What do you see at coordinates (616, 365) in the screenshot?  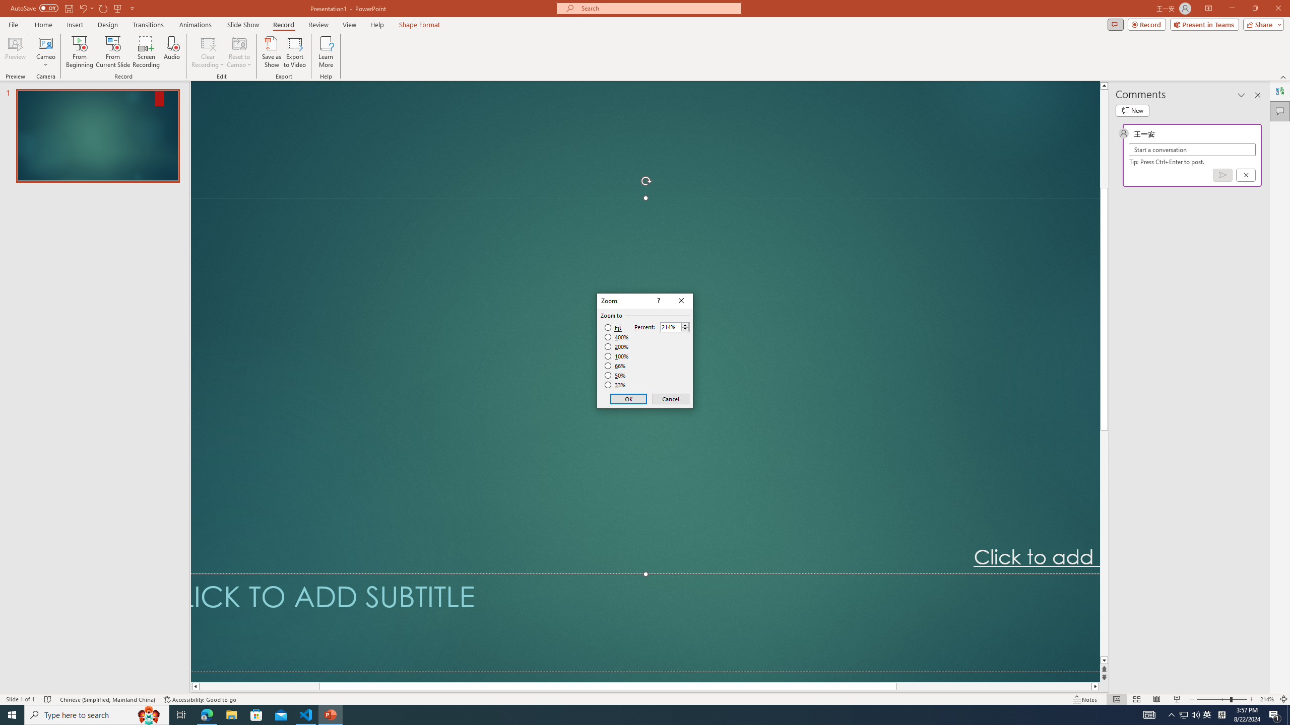 I see `'66%'` at bounding box center [616, 365].